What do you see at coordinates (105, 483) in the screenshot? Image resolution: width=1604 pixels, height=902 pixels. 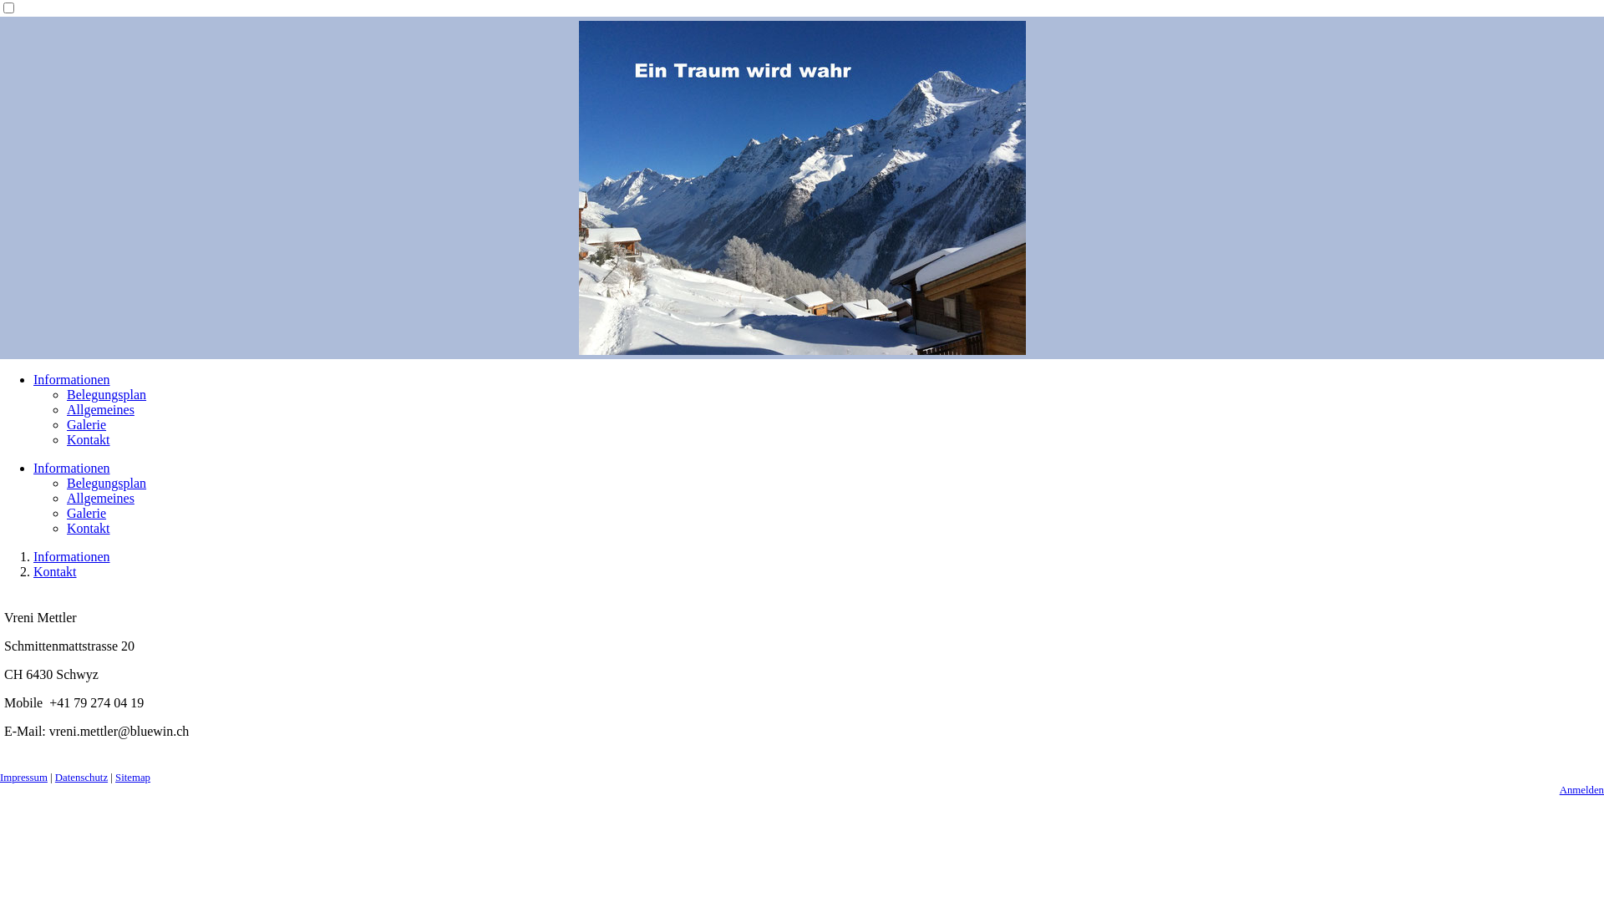 I see `'Belegungsplan'` at bounding box center [105, 483].